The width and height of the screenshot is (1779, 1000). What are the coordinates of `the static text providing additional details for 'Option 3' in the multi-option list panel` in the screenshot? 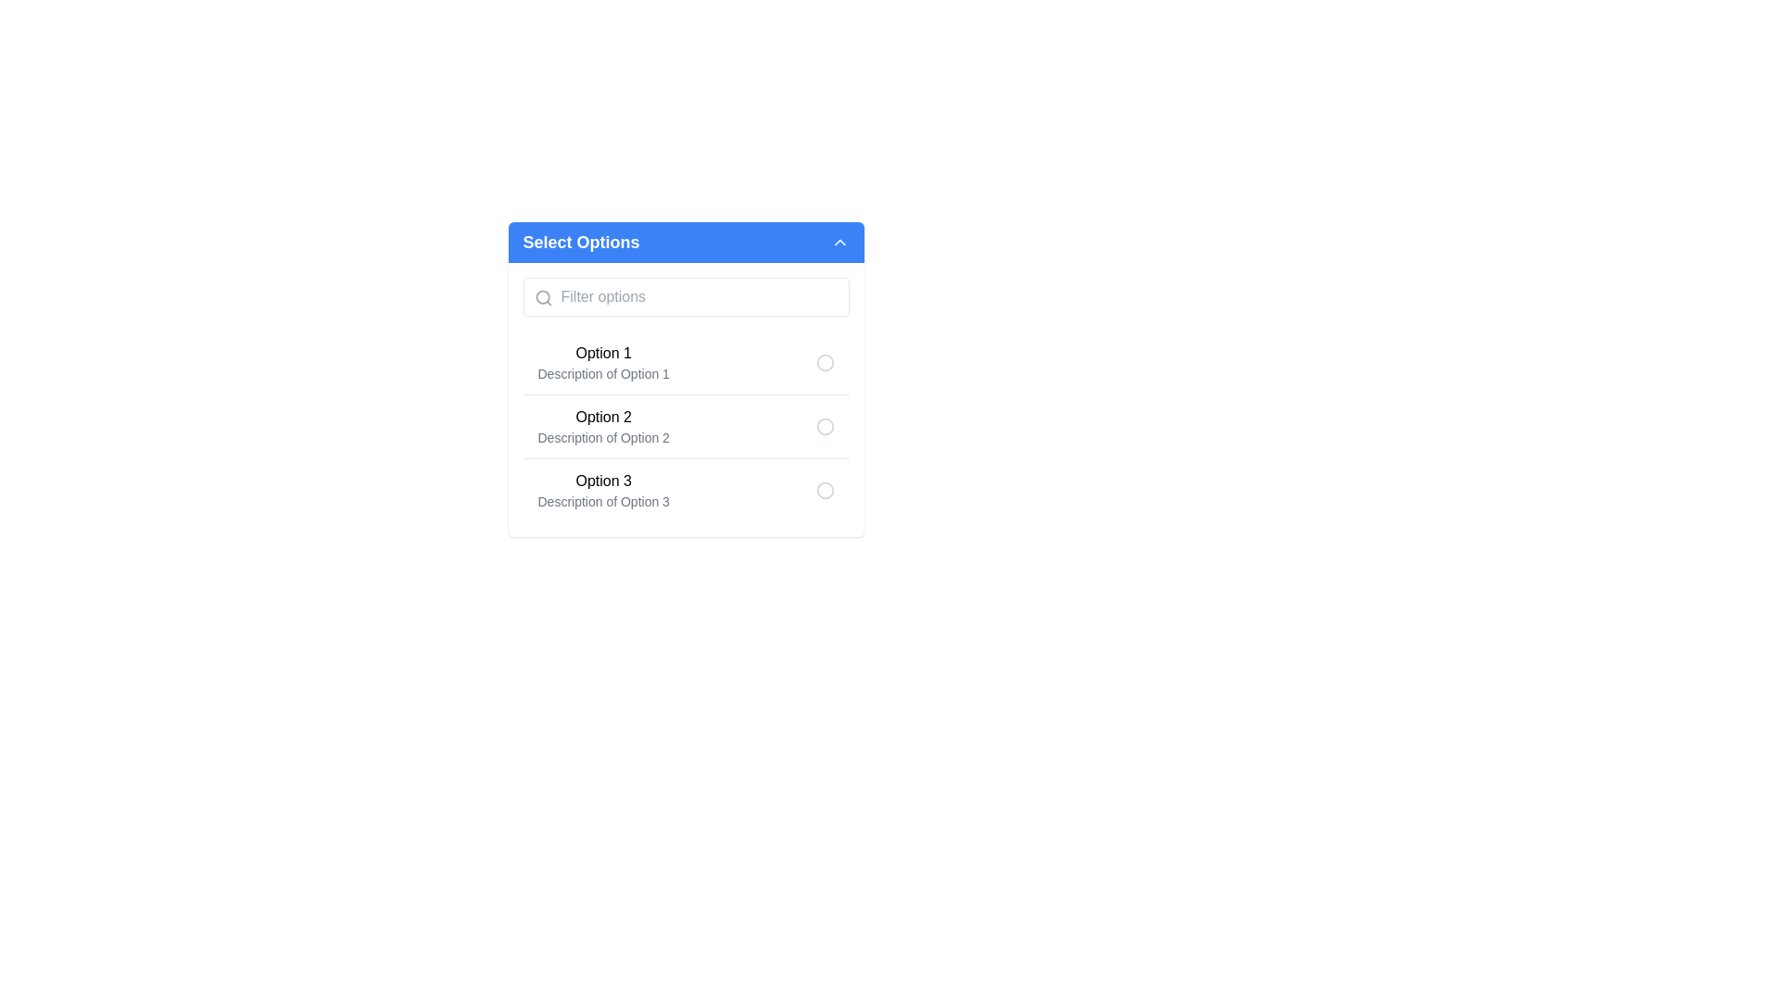 It's located at (603, 502).